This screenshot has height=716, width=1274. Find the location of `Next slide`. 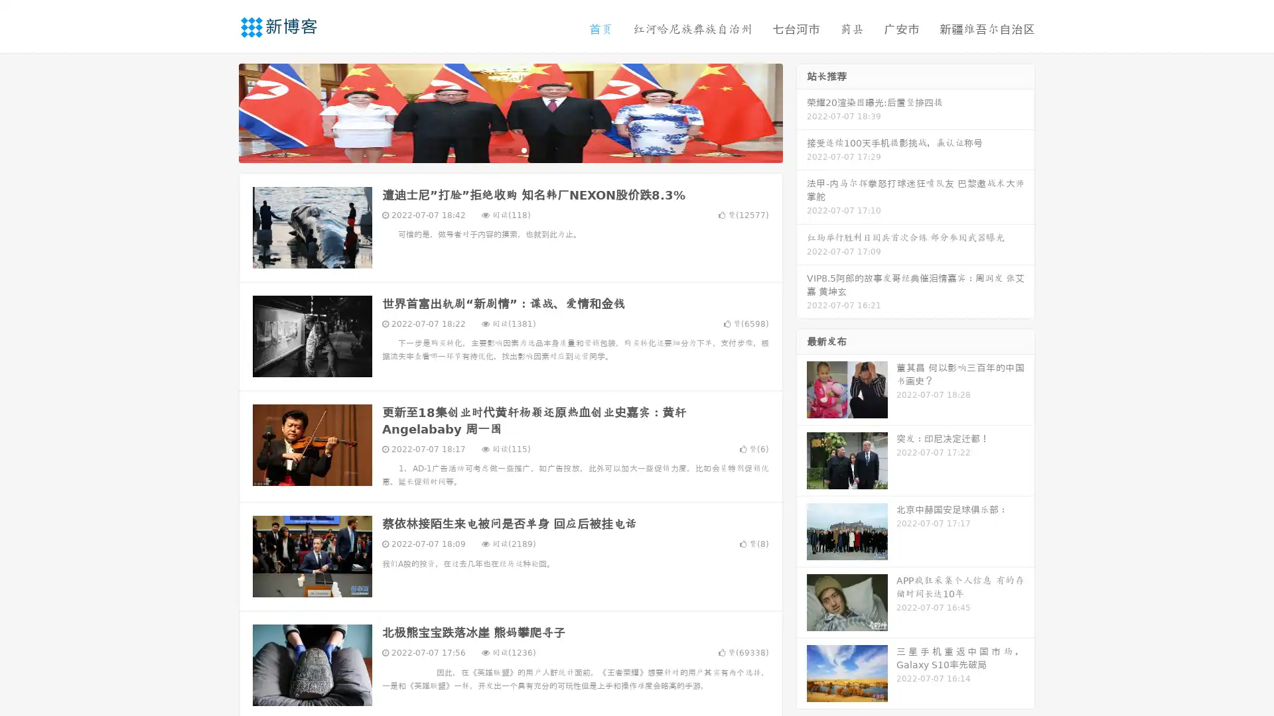

Next slide is located at coordinates (802, 111).